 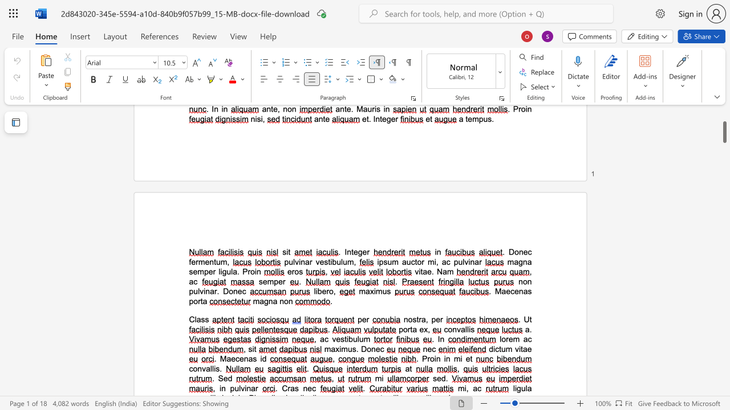 What do you see at coordinates (197, 301) in the screenshot?
I see `the space between the continuous character "o" and "r" in the text` at bounding box center [197, 301].